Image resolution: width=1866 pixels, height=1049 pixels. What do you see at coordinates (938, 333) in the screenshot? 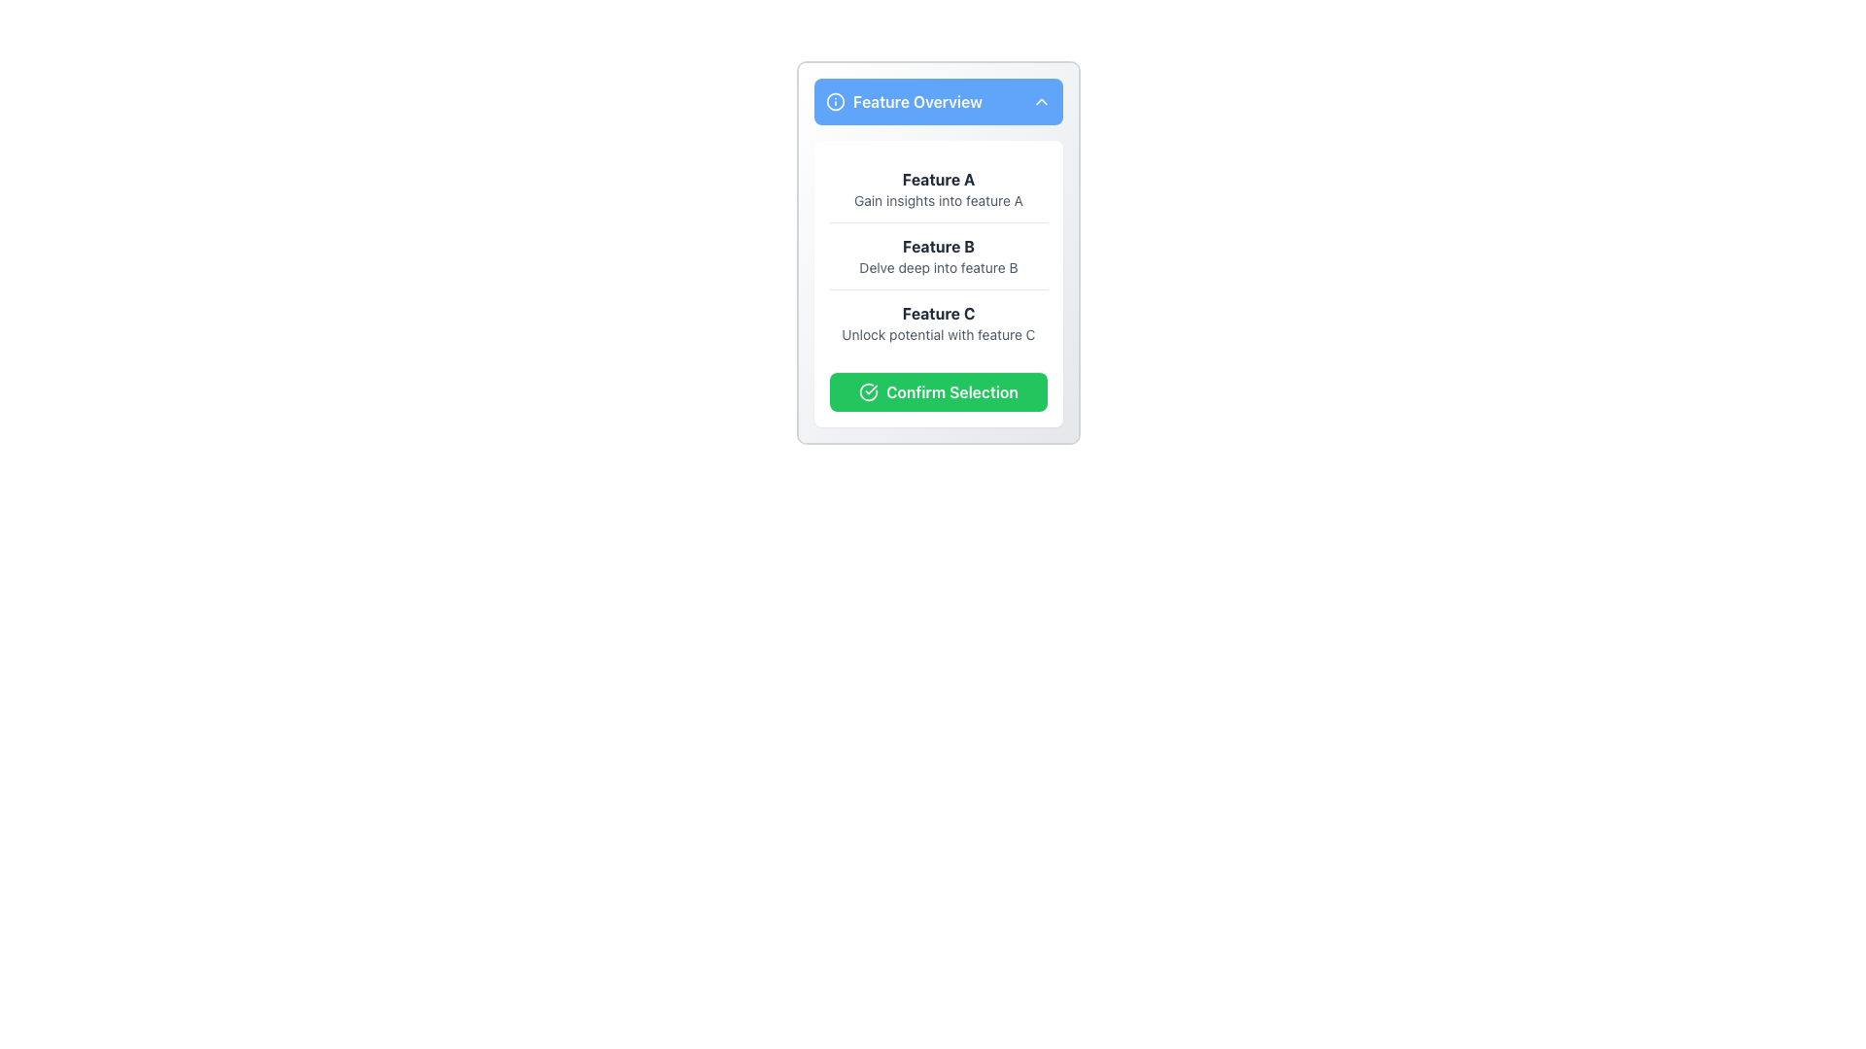
I see `the static text label providing additional information about 'Feature C', located under the 'Feature C' heading in the 'Feature Overview' section` at bounding box center [938, 333].